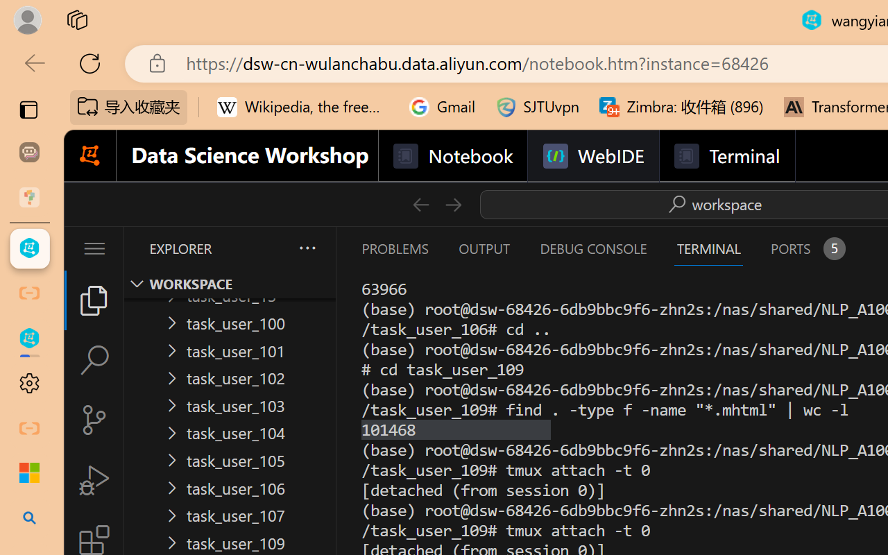 This screenshot has width=888, height=555. What do you see at coordinates (483, 248) in the screenshot?
I see `'Output (Ctrl+Shift+U)'` at bounding box center [483, 248].